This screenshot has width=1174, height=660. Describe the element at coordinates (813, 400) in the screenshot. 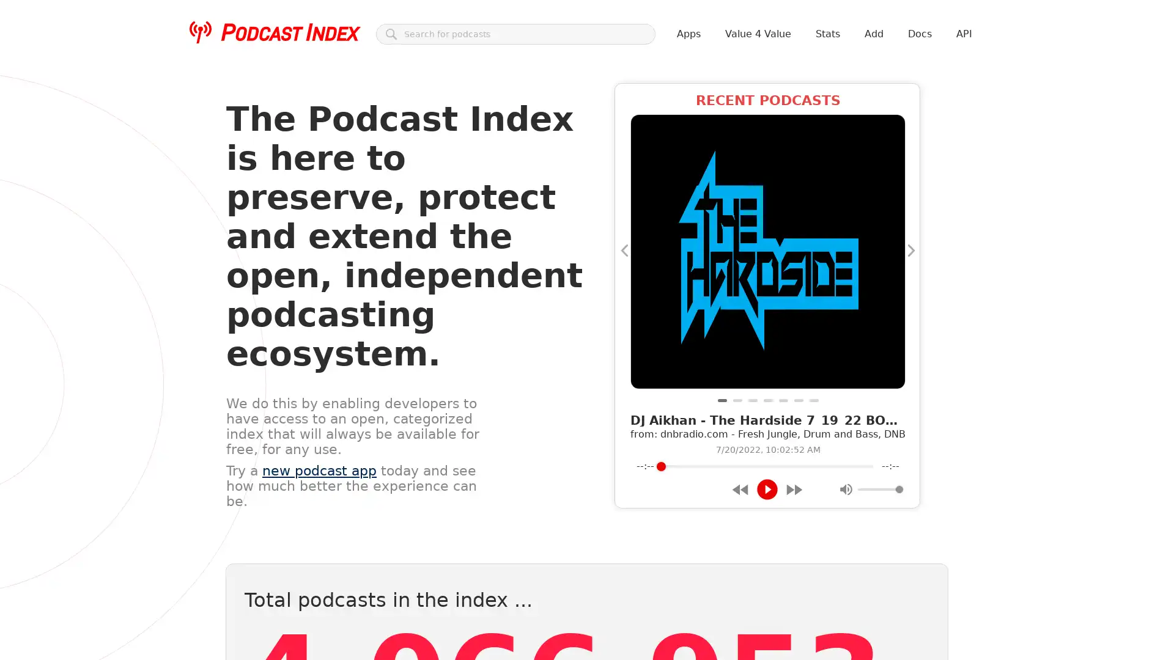

I see `I Went On Tour With Dayglo Abortions And All I Got Was This Lousy Cough` at that location.